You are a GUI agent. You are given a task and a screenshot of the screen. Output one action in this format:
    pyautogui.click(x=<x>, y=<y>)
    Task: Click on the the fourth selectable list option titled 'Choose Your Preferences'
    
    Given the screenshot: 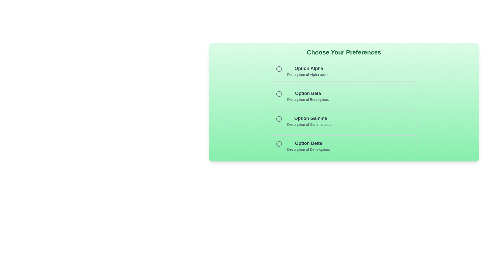 What is the action you would take?
    pyautogui.click(x=344, y=146)
    